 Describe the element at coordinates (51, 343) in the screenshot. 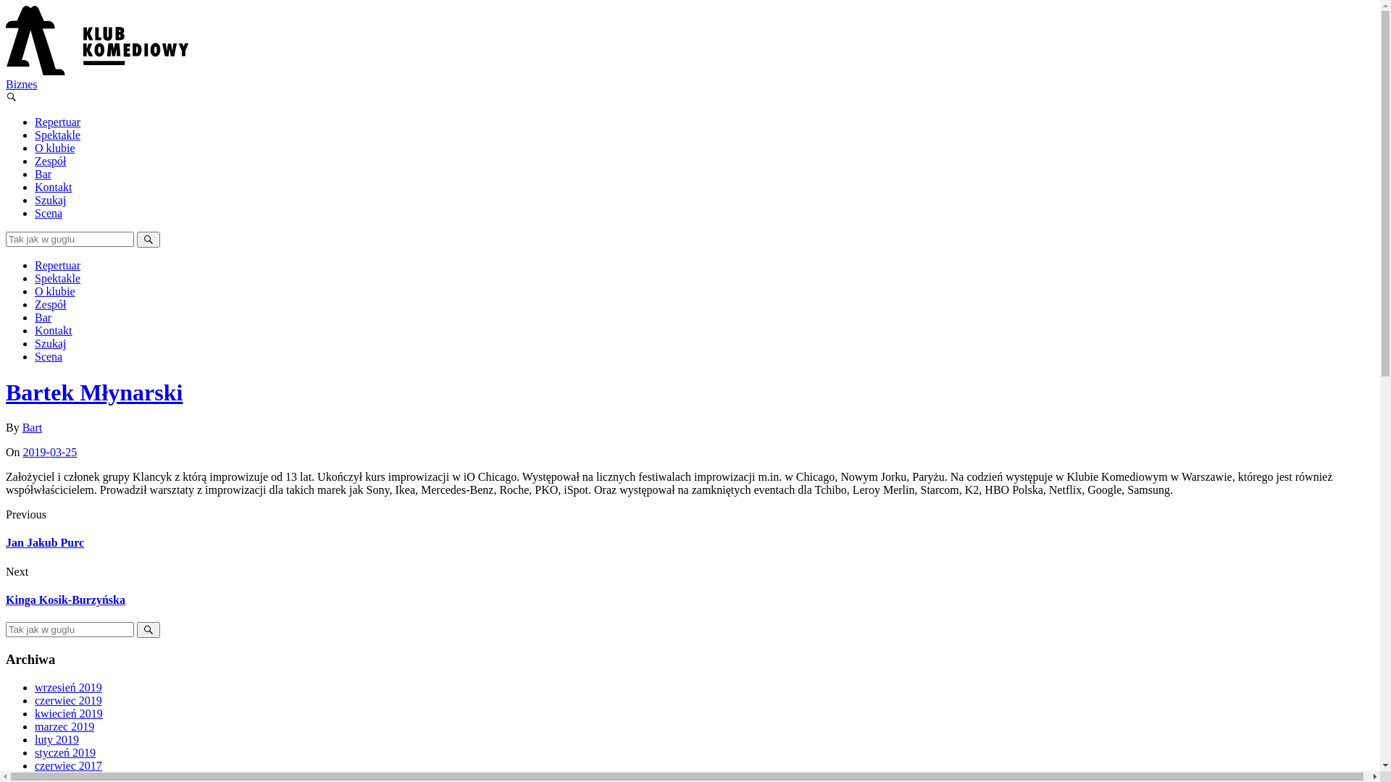

I see `'Szukaj'` at that location.